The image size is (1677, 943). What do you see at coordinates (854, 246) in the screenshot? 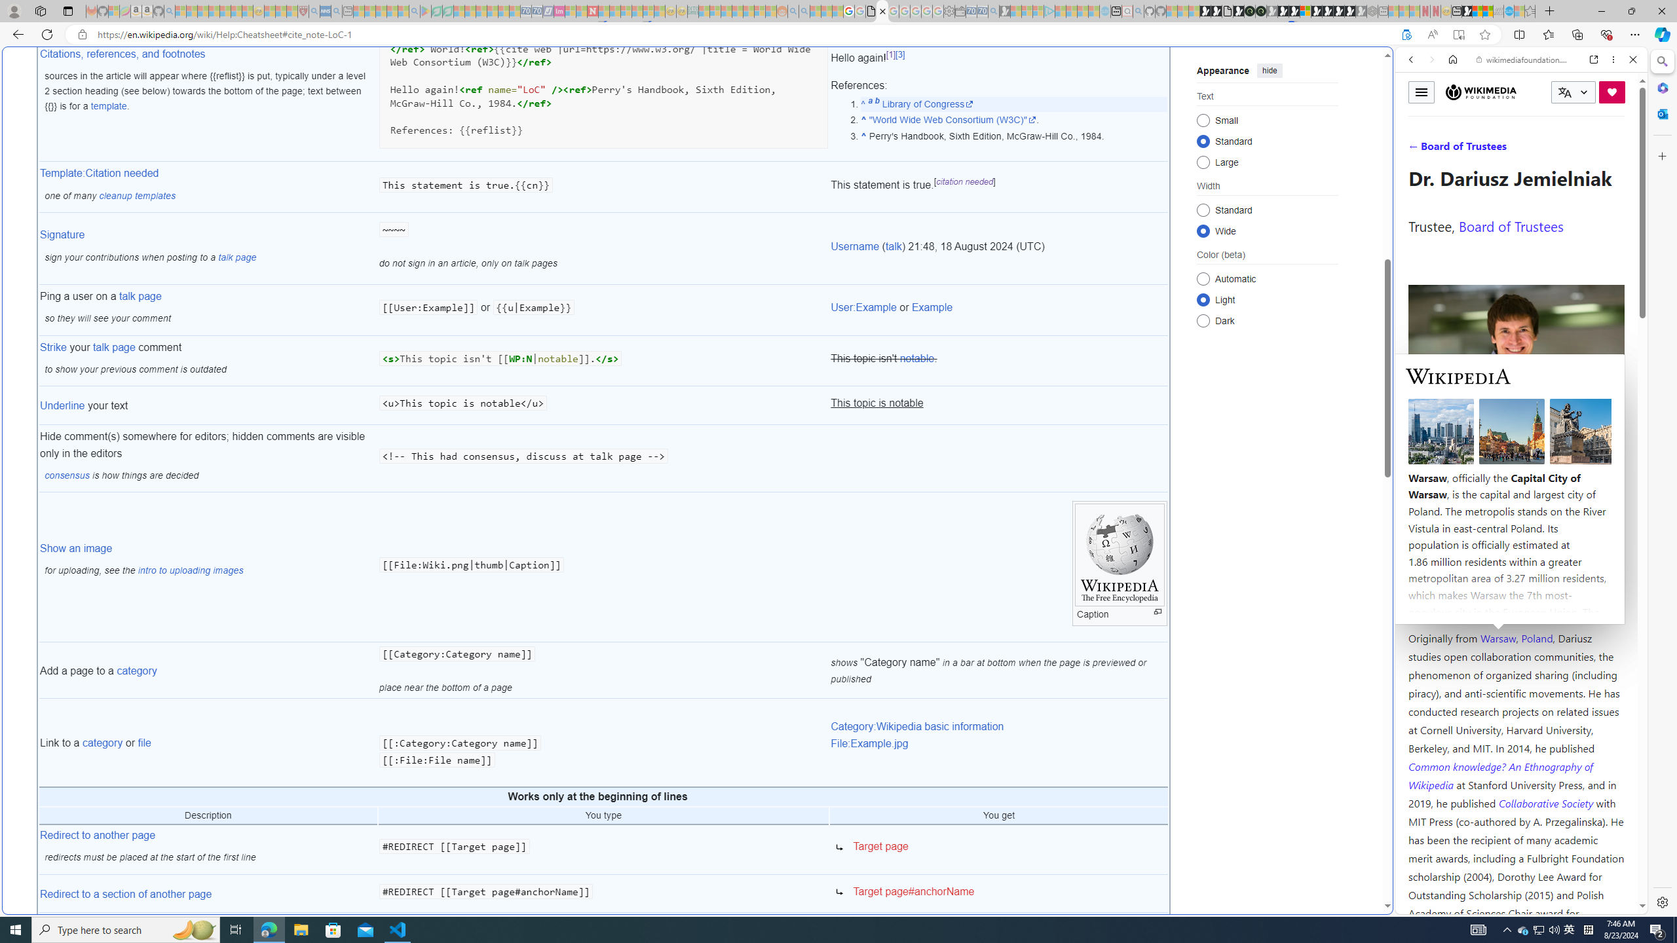
I see `'Username'` at bounding box center [854, 246].